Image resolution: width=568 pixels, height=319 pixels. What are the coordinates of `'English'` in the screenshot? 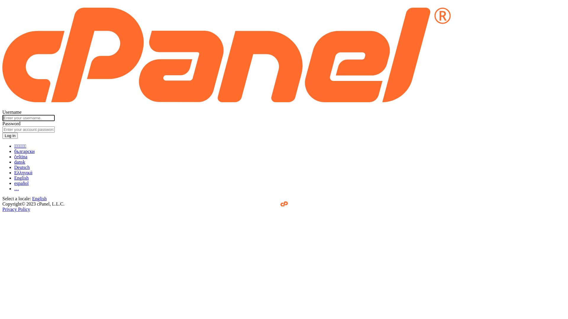 It's located at (39, 198).